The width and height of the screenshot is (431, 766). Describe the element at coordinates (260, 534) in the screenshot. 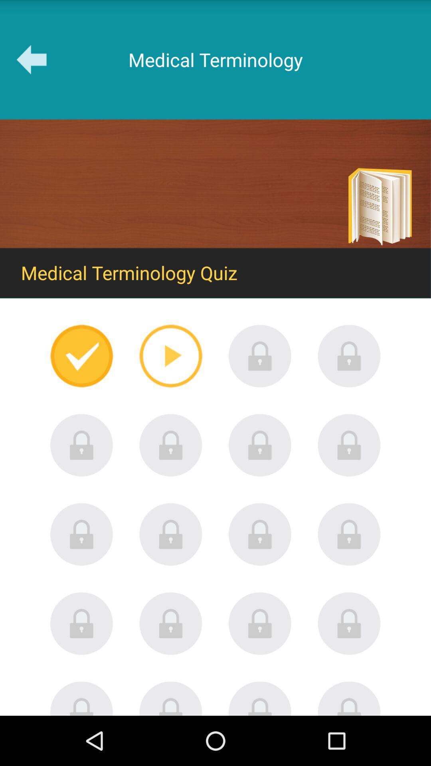

I see `lock` at that location.